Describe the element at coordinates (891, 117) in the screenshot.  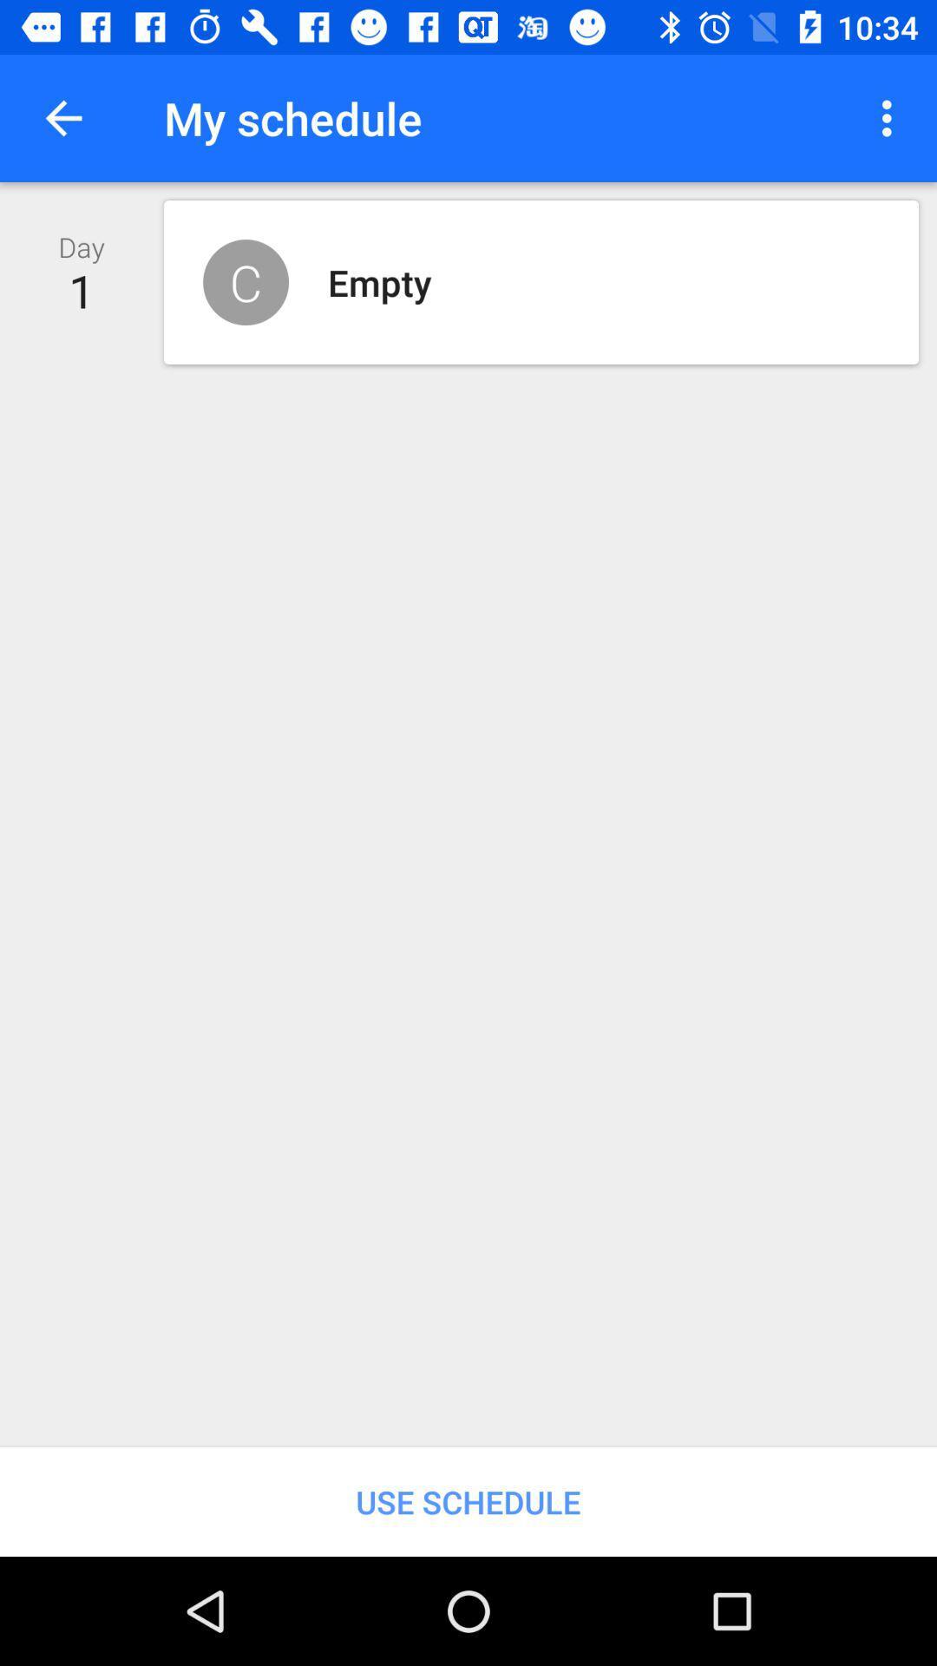
I see `the item above use schedule item` at that location.